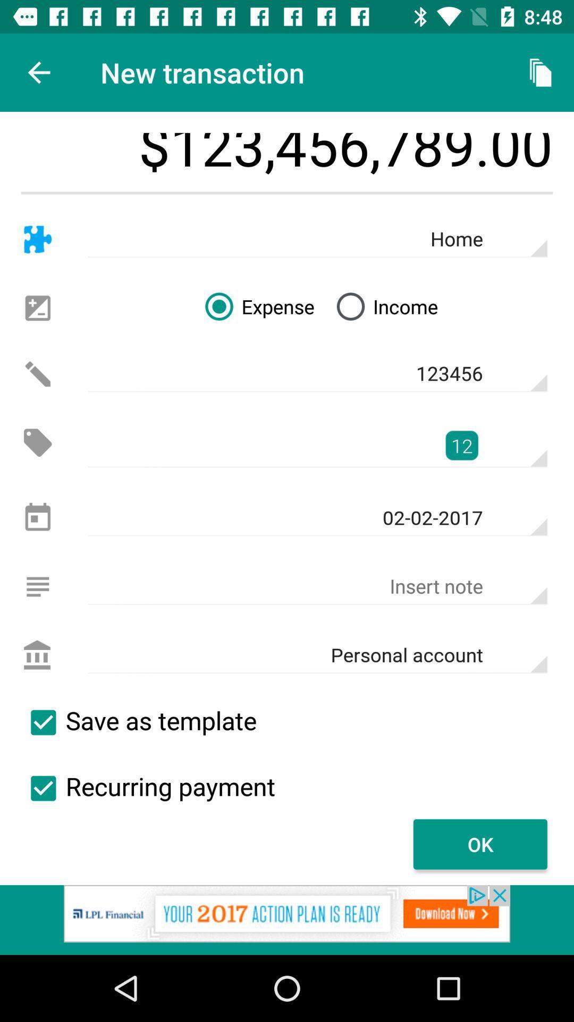 The height and width of the screenshot is (1022, 574). I want to click on edits, so click(37, 374).